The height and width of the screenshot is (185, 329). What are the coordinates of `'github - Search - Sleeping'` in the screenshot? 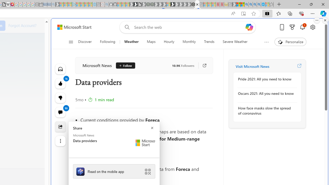 It's located at (107, 4).